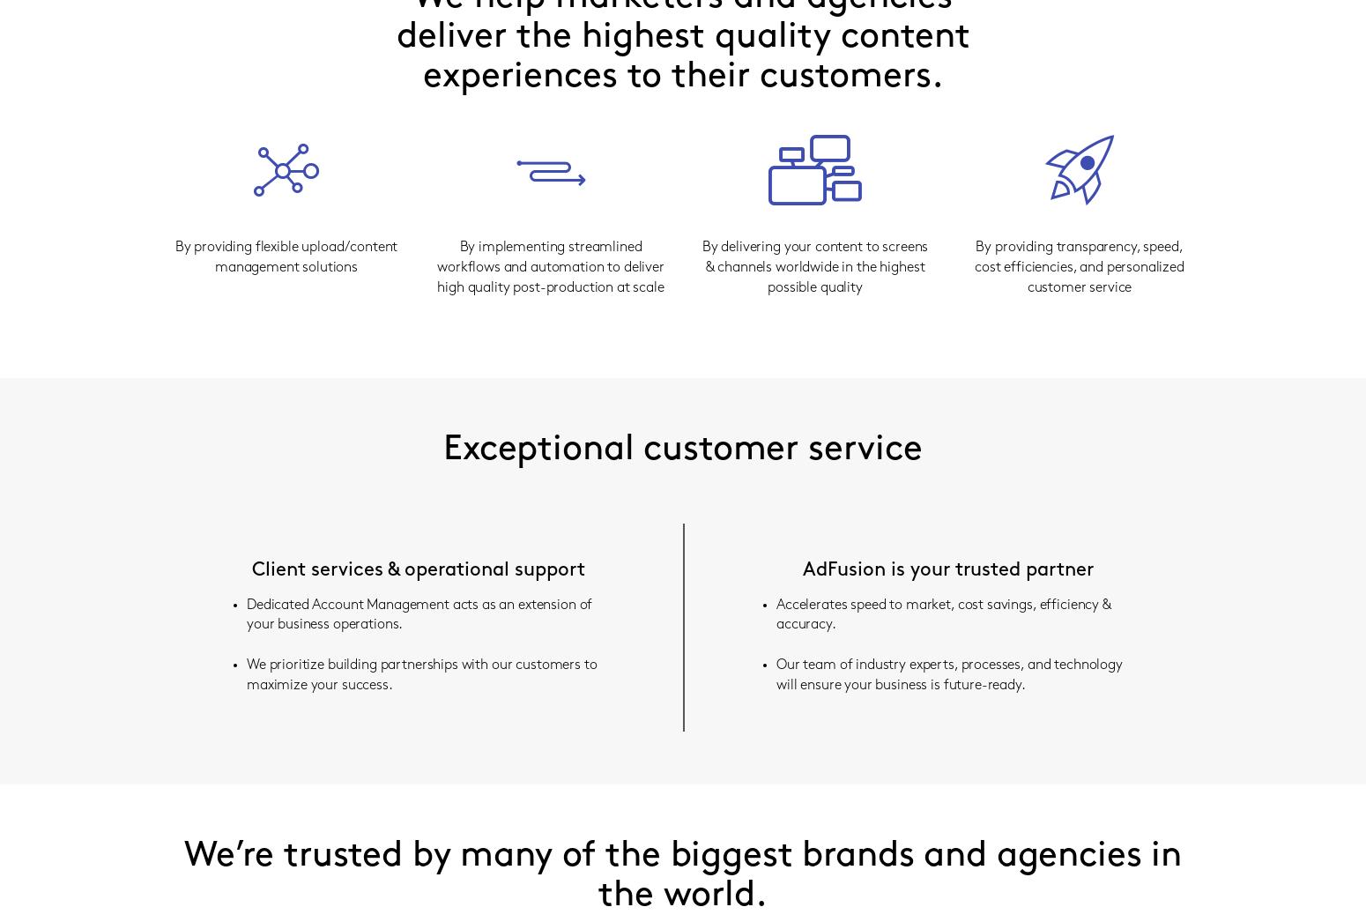 This screenshot has height=922, width=1366. What do you see at coordinates (670, 452) in the screenshot?
I see `'Contact Us'` at bounding box center [670, 452].